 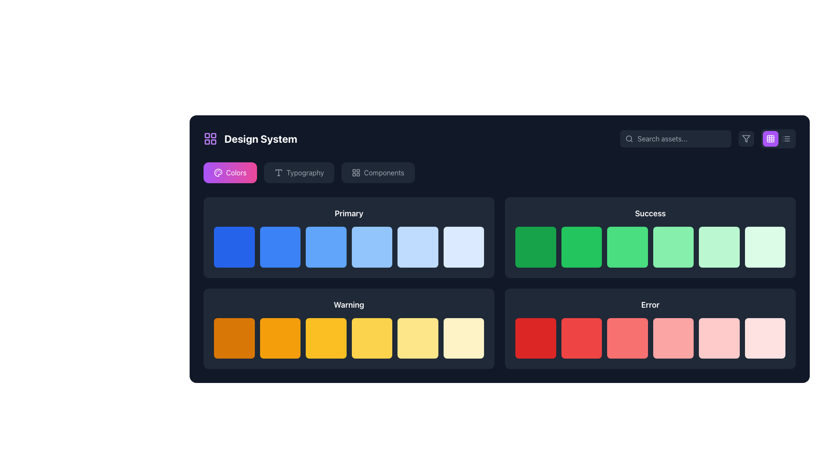 What do you see at coordinates (464, 248) in the screenshot?
I see `the rounded square visual element in the 'Primary' color palette group, located on the rightmost side and centrally aligned with the Success and Warning sections` at bounding box center [464, 248].